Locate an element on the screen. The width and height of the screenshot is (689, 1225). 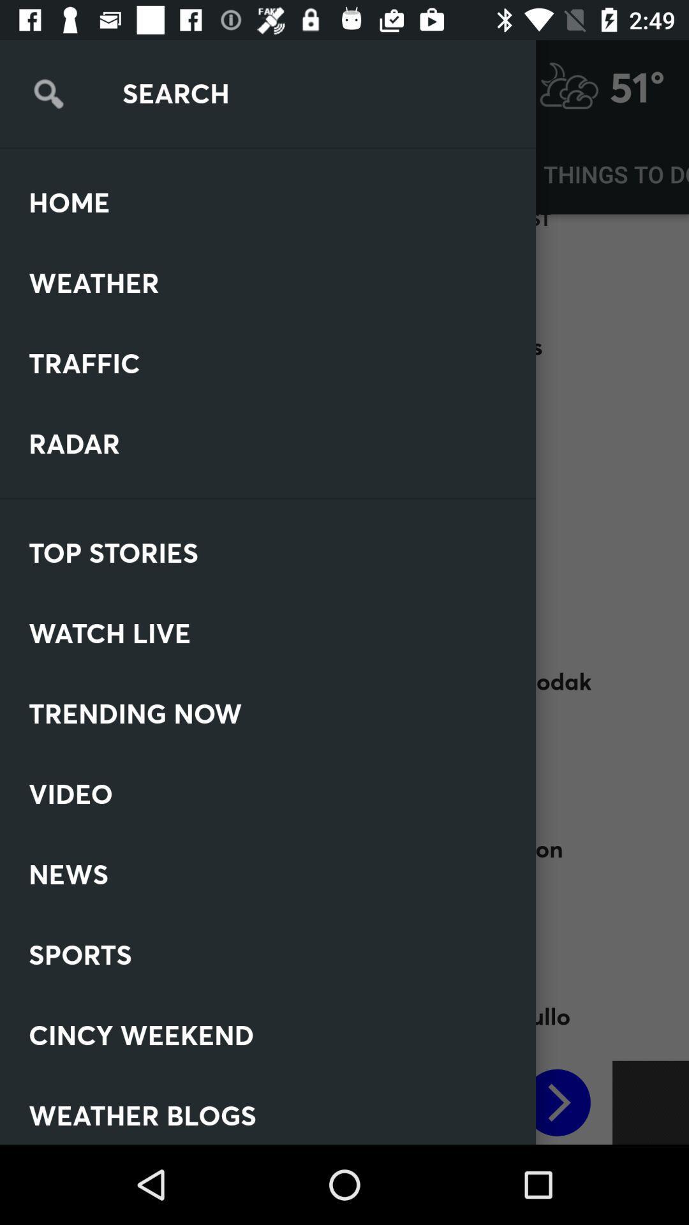
the text below home is located at coordinates (127, 253).